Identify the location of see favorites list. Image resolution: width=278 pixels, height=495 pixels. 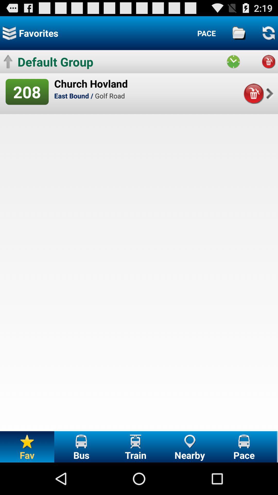
(9, 33).